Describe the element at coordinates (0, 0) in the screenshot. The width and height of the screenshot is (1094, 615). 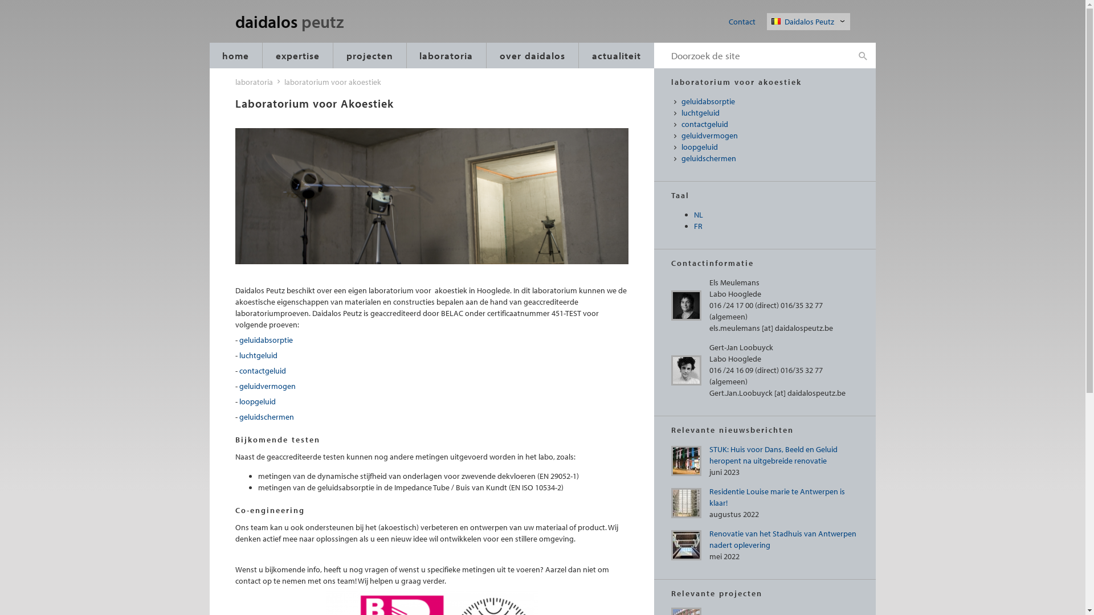
I see `'Overslaan en naar de inhoud gaan'` at that location.